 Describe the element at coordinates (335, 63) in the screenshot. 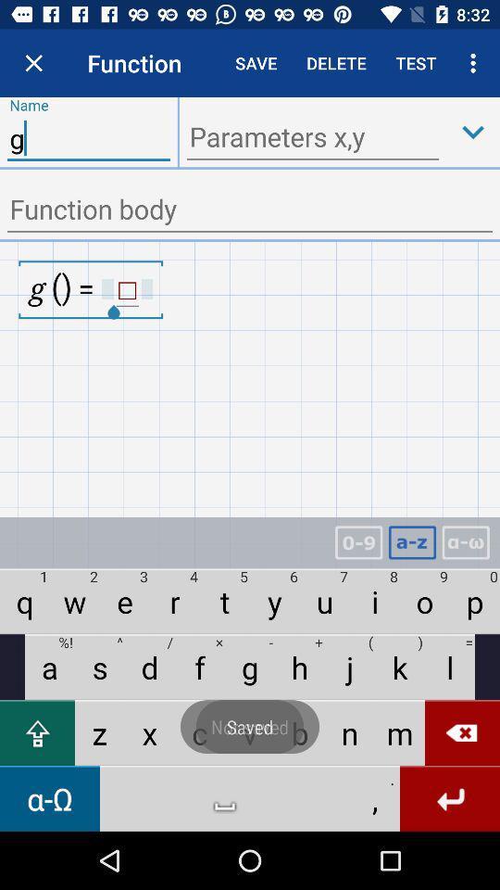

I see `text called delete` at that location.